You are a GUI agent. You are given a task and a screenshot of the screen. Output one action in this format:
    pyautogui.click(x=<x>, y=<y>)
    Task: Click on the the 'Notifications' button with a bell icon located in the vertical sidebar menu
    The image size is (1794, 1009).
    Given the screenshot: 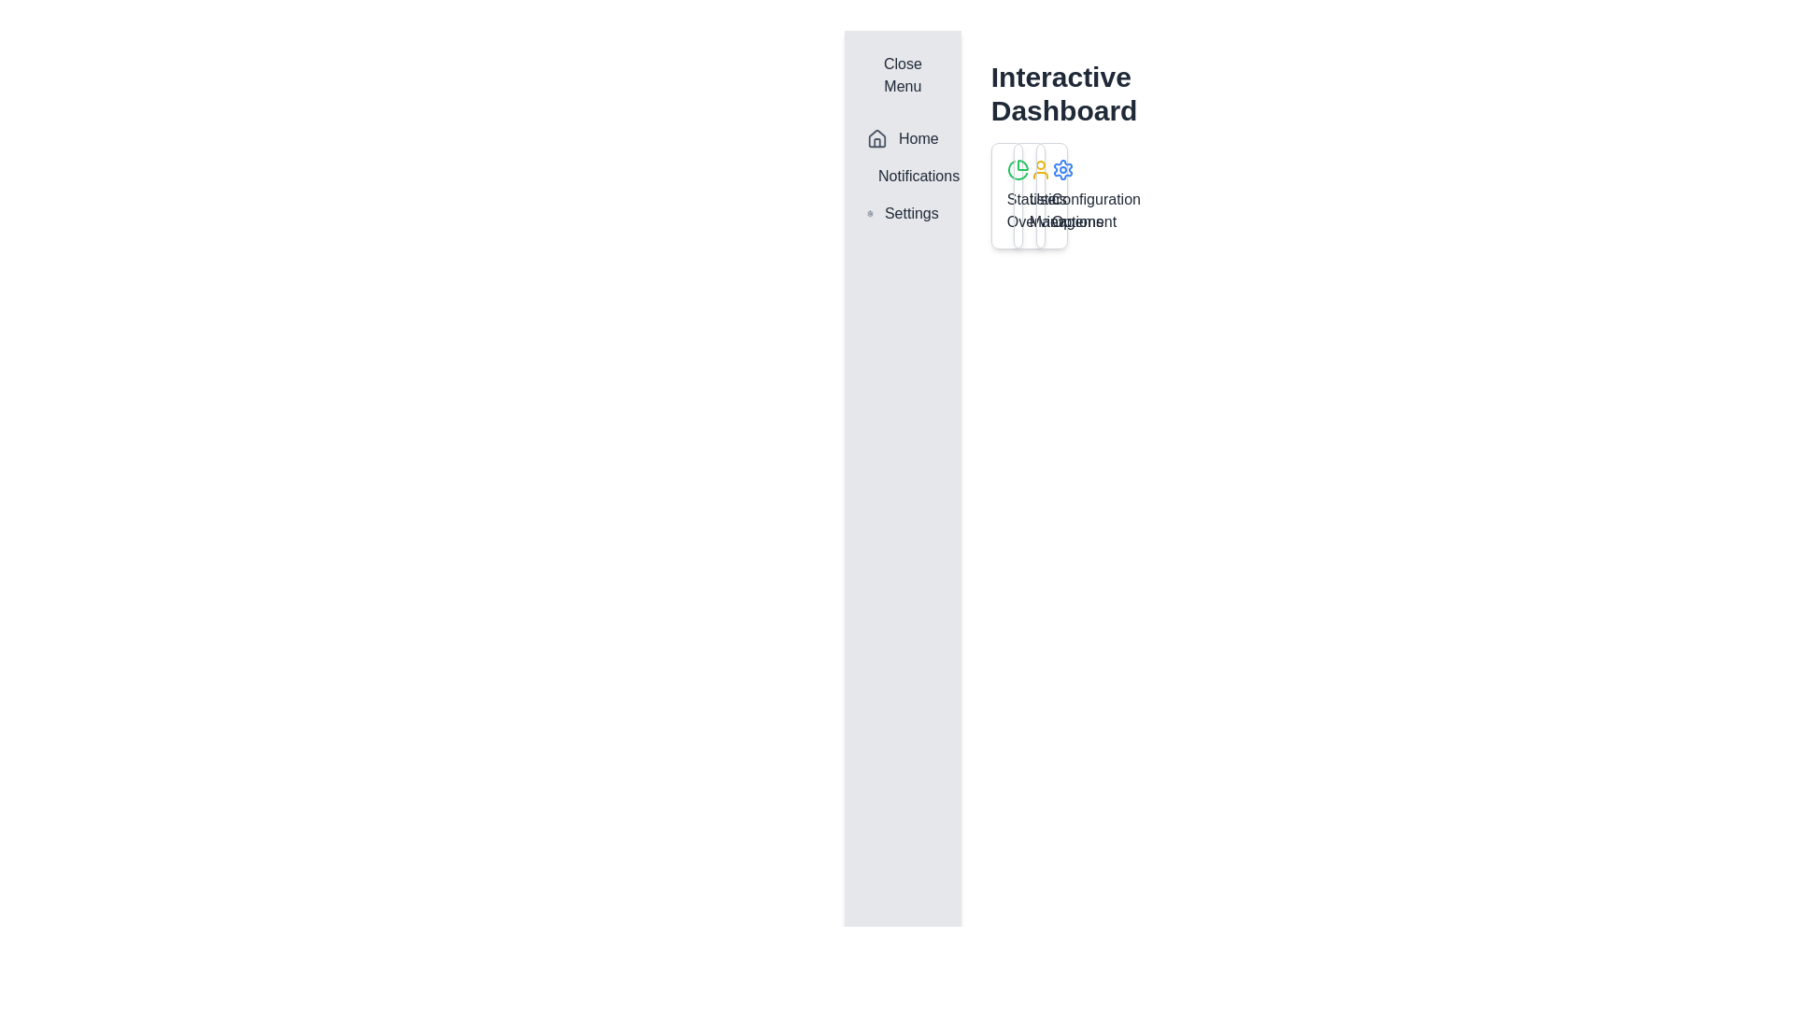 What is the action you would take?
    pyautogui.click(x=903, y=177)
    